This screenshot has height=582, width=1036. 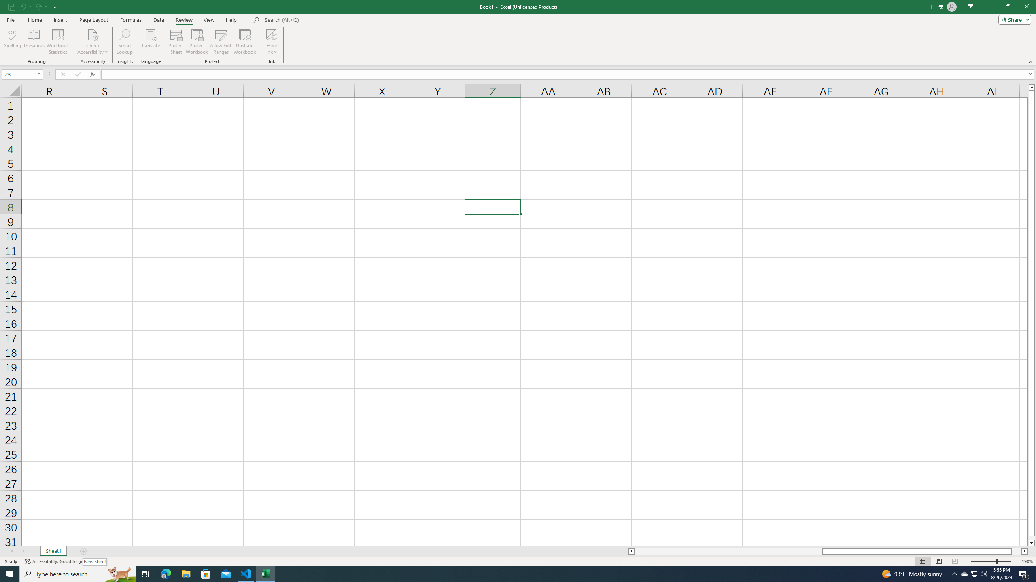 I want to click on 'Spelling...', so click(x=12, y=42).